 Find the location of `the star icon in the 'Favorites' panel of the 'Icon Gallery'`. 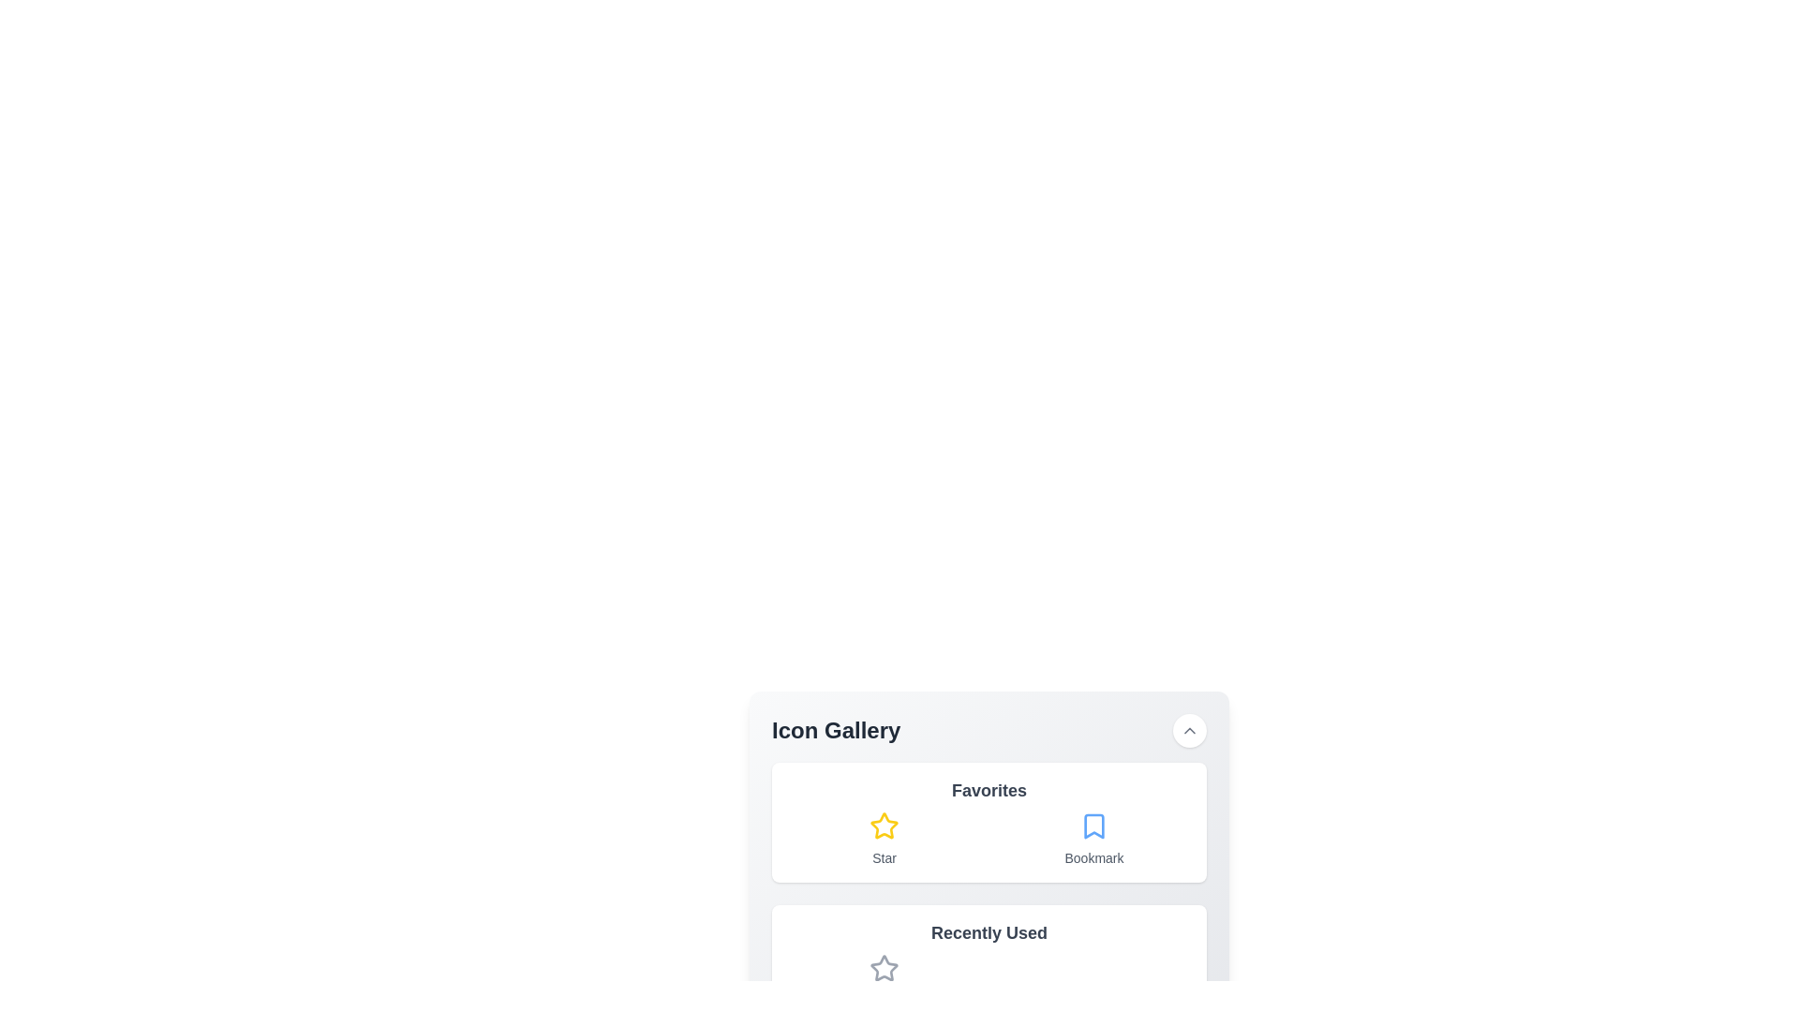

the star icon in the 'Favorites' panel of the 'Icon Gallery' is located at coordinates (884, 825).